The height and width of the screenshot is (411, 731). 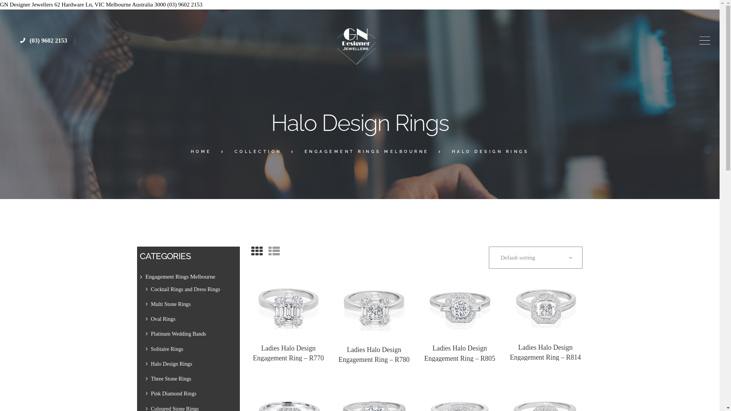 I want to click on 'Three Stone Rings', so click(x=171, y=379).